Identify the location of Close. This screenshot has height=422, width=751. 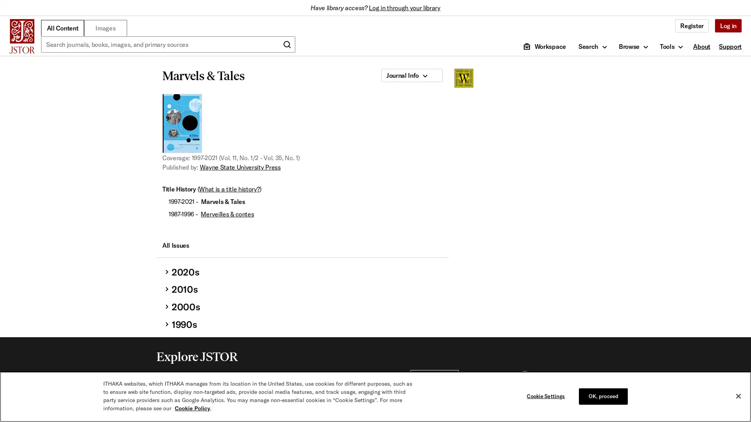
(738, 396).